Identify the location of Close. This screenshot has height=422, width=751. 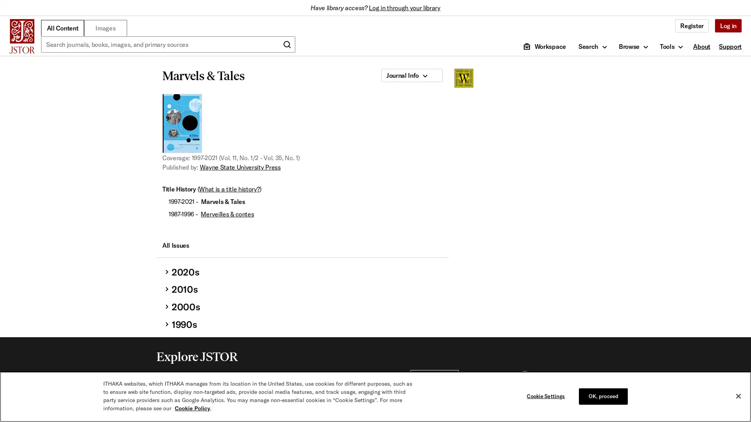
(738, 396).